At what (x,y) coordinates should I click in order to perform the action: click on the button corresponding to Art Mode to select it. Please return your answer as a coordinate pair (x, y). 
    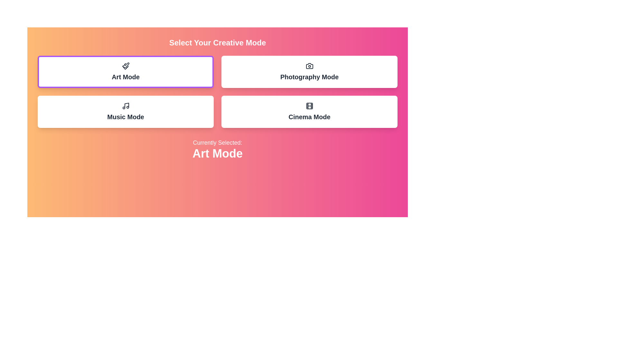
    Looking at the image, I should click on (126, 72).